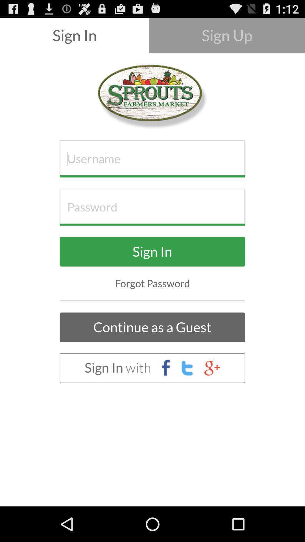 Image resolution: width=305 pixels, height=542 pixels. I want to click on the forgot password item, so click(152, 283).